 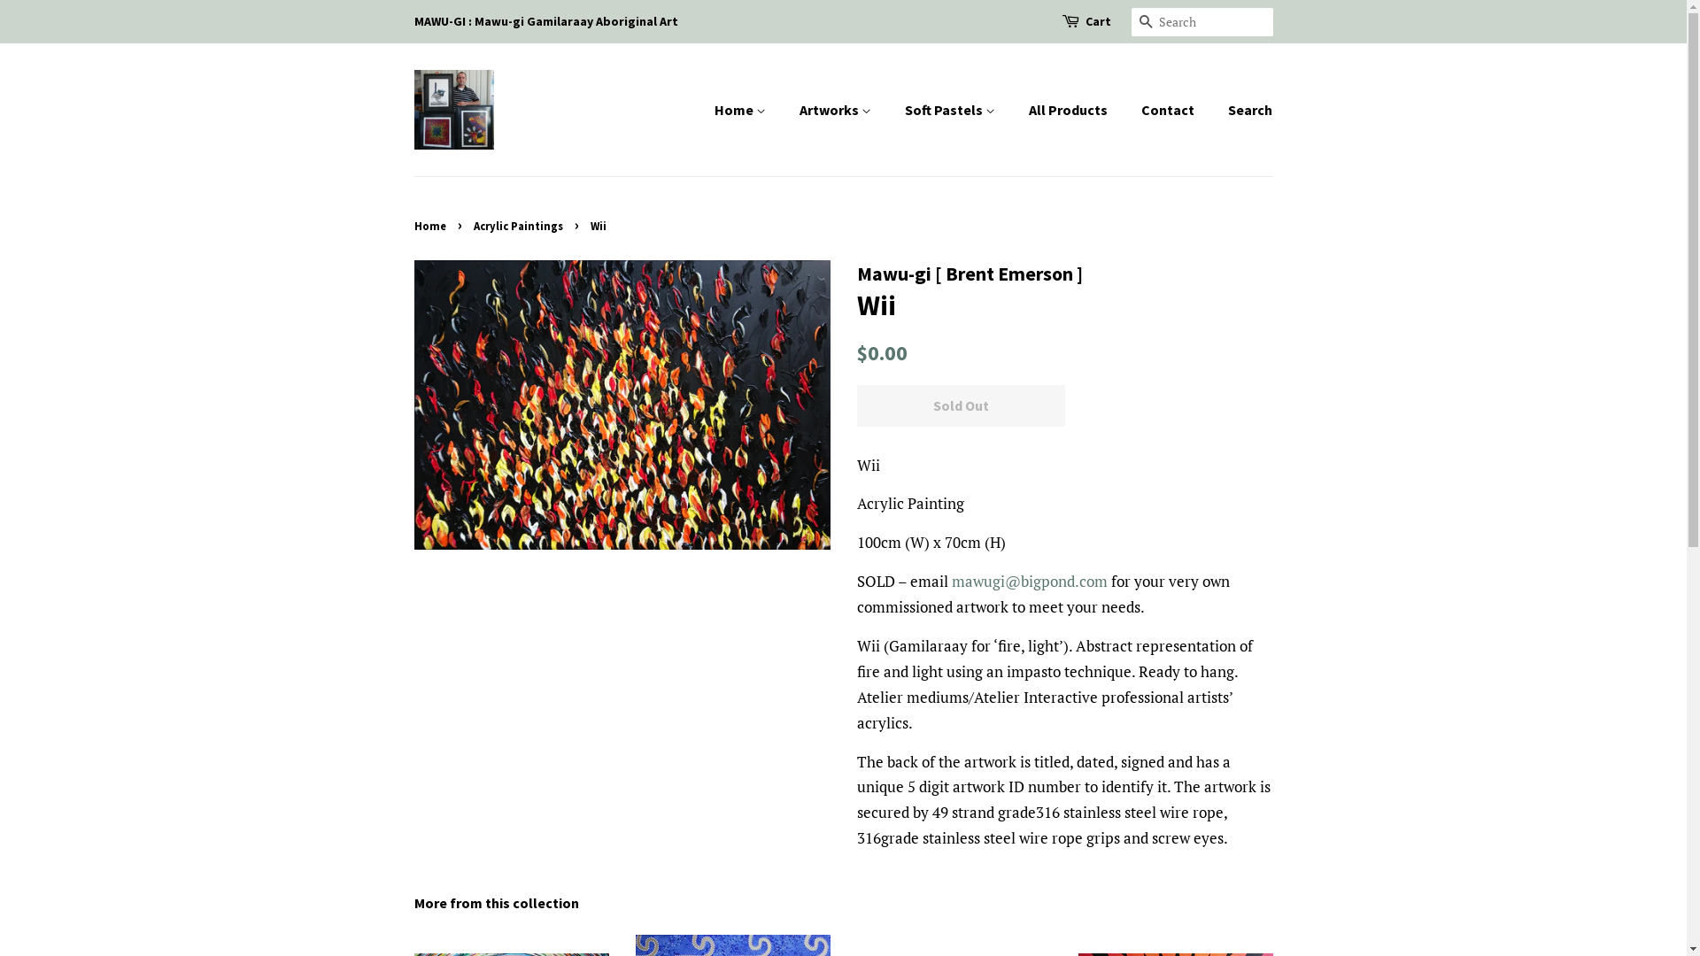 I want to click on 'Contact', so click(x=1170, y=110).